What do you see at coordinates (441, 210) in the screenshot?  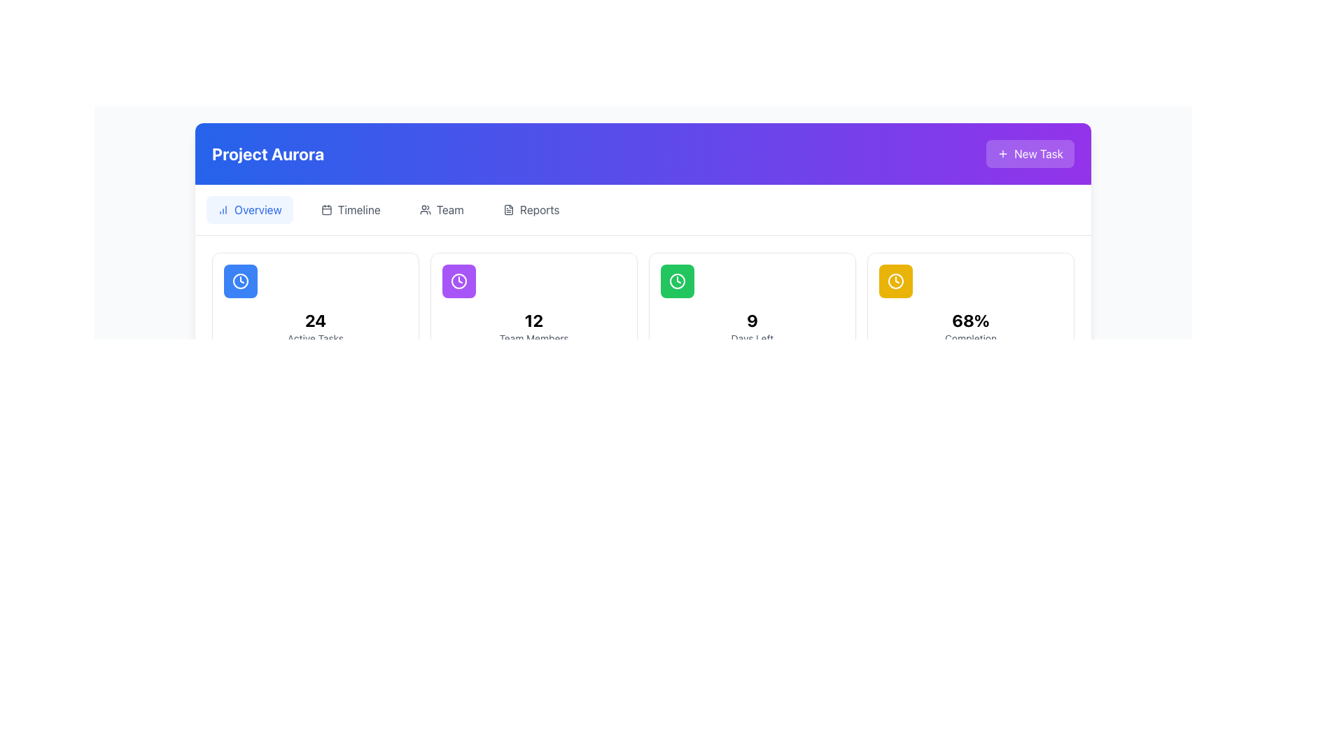 I see `the navigation menu item labeled 'Team'` at bounding box center [441, 210].